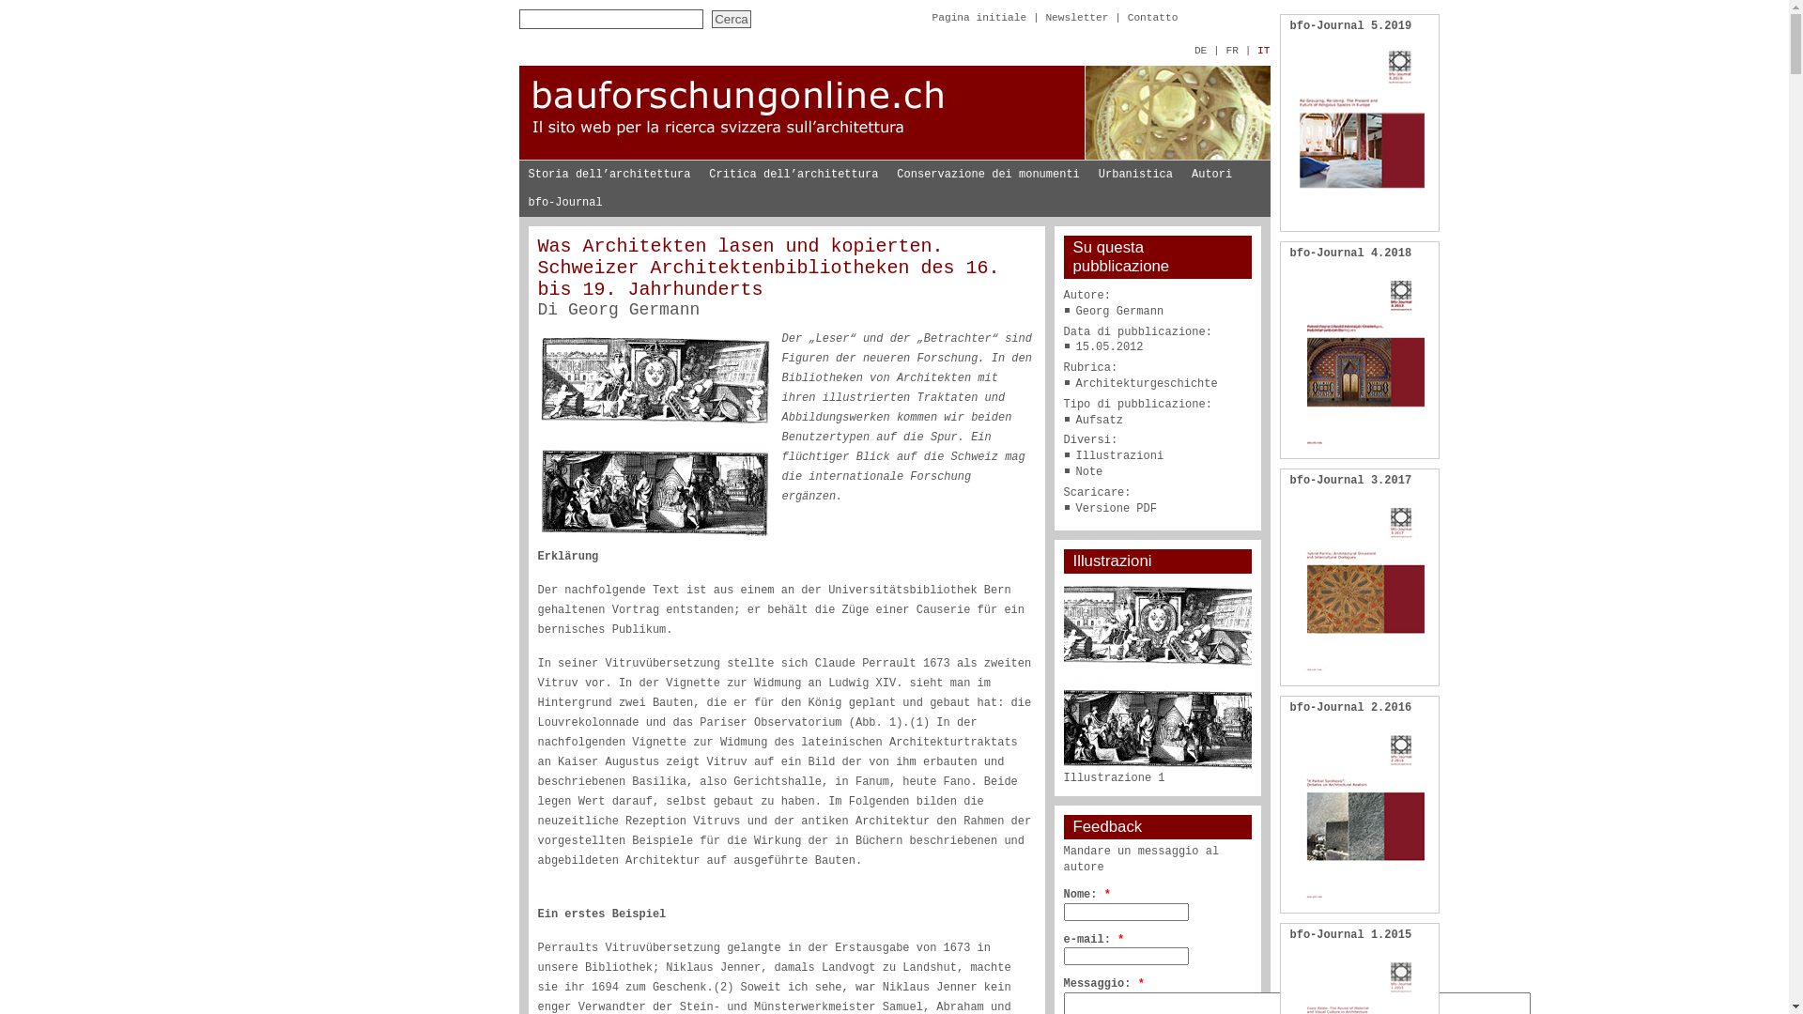  Describe the element at coordinates (986, 174) in the screenshot. I see `'Conservazione dei monumenti'` at that location.